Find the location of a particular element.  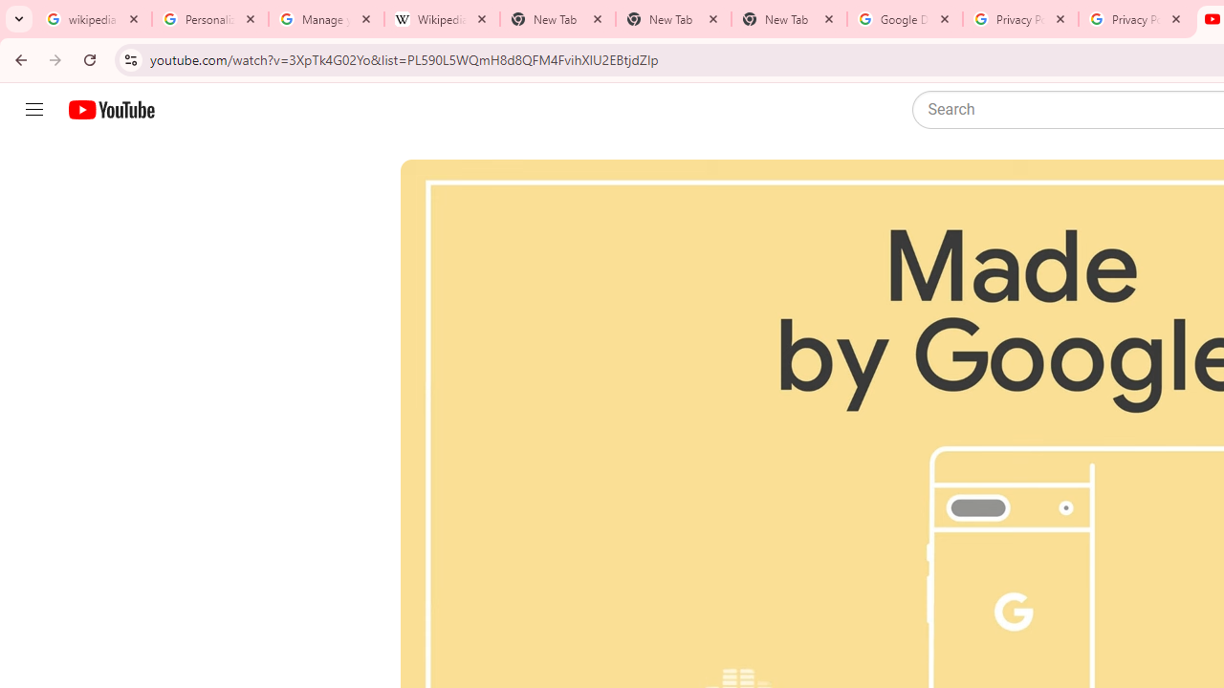

'Manage your Location History - Google Search Help' is located at coordinates (326, 19).